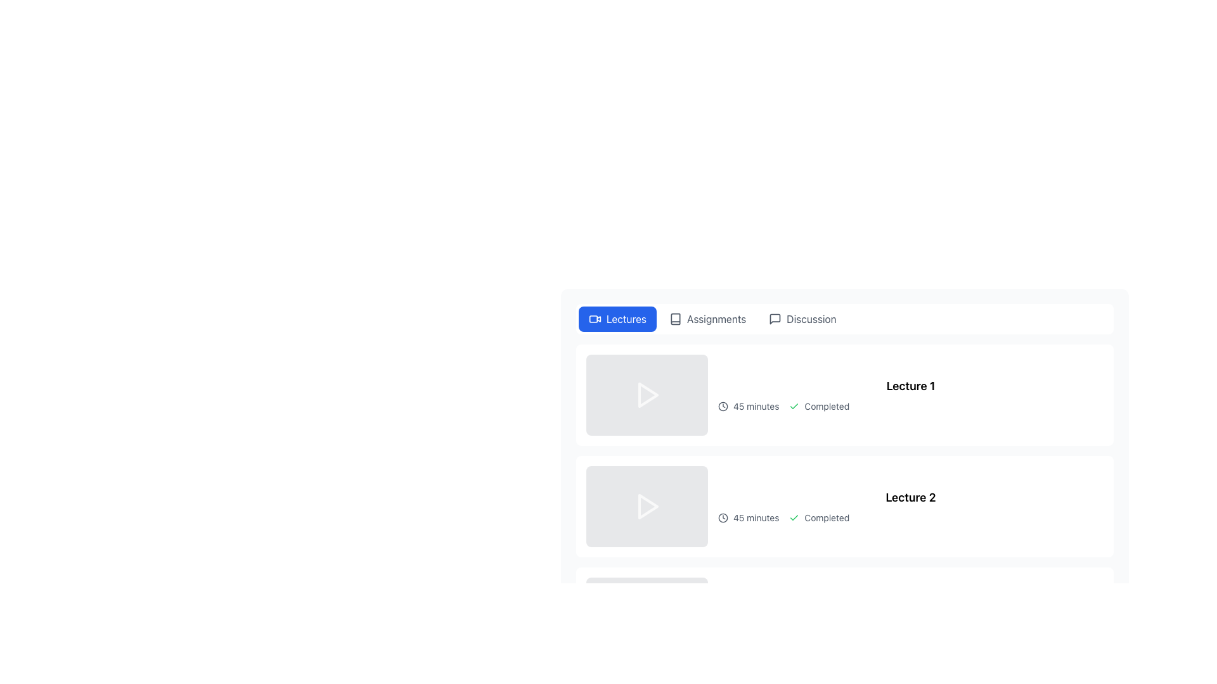 This screenshot has width=1217, height=684. What do you see at coordinates (674, 319) in the screenshot?
I see `the visual indicator icon for the 'Assignments' section located in the navigation menu at the top-center of the interface, immediately to the left of the text 'Assignments'` at bounding box center [674, 319].